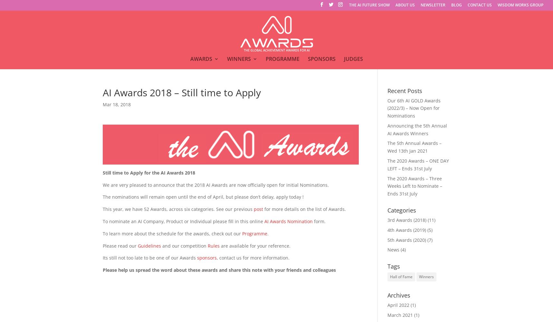  Describe the element at coordinates (213, 245) in the screenshot. I see `'Rules'` at that location.